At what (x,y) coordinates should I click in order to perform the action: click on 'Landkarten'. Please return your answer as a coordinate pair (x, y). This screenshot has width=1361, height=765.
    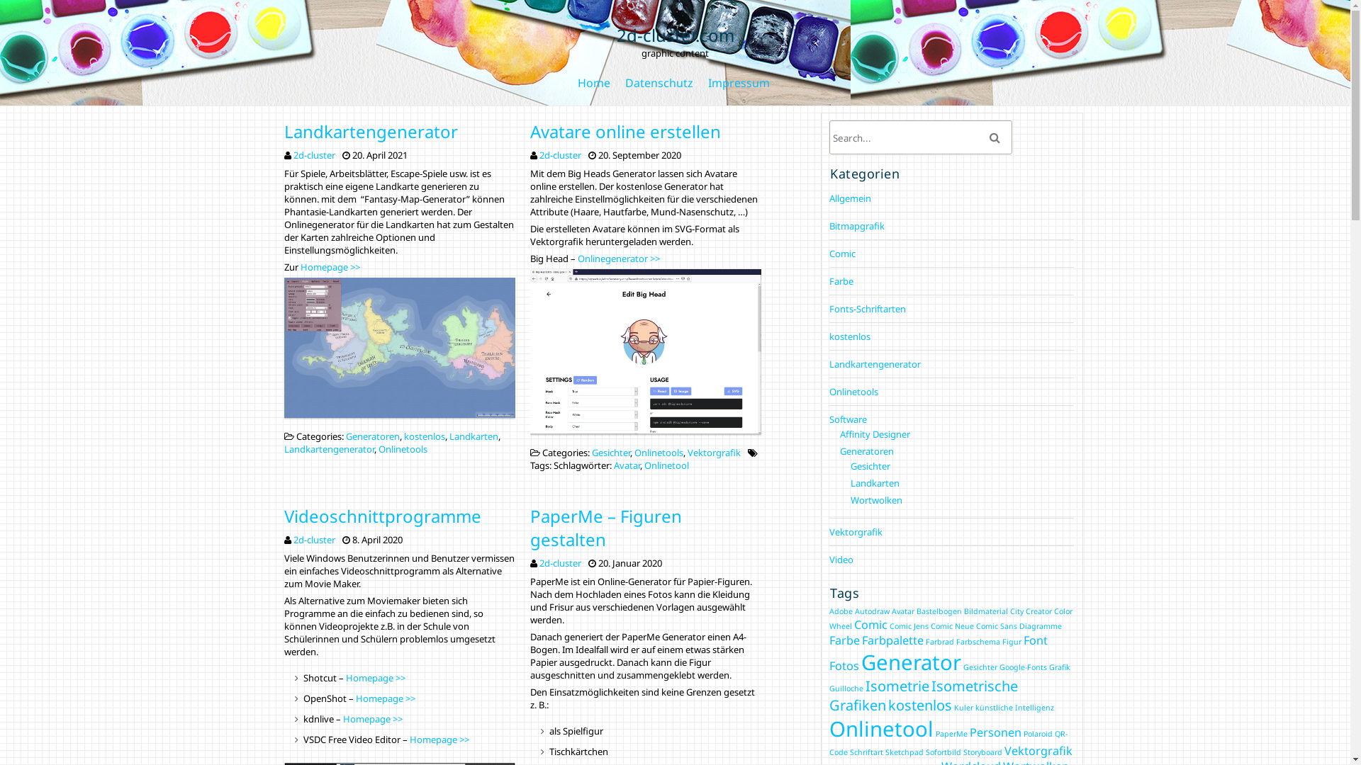
    Looking at the image, I should click on (874, 482).